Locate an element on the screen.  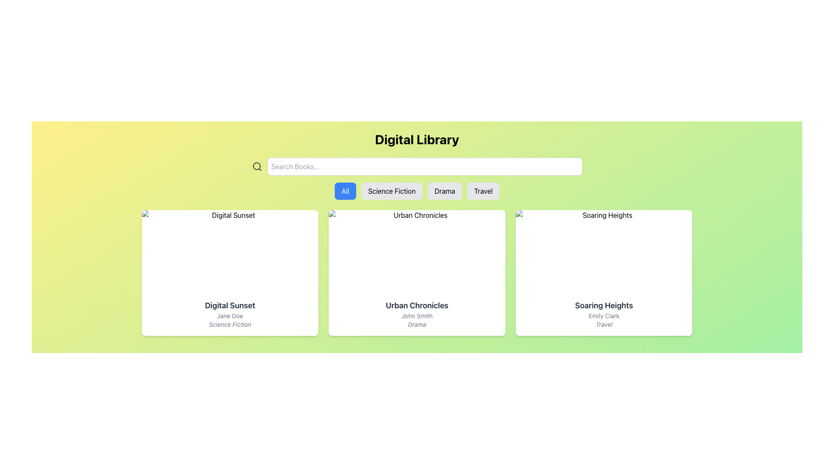
the main graphic or thumbnail image for 'Urban Chronicles' to view image options is located at coordinates (417, 251).